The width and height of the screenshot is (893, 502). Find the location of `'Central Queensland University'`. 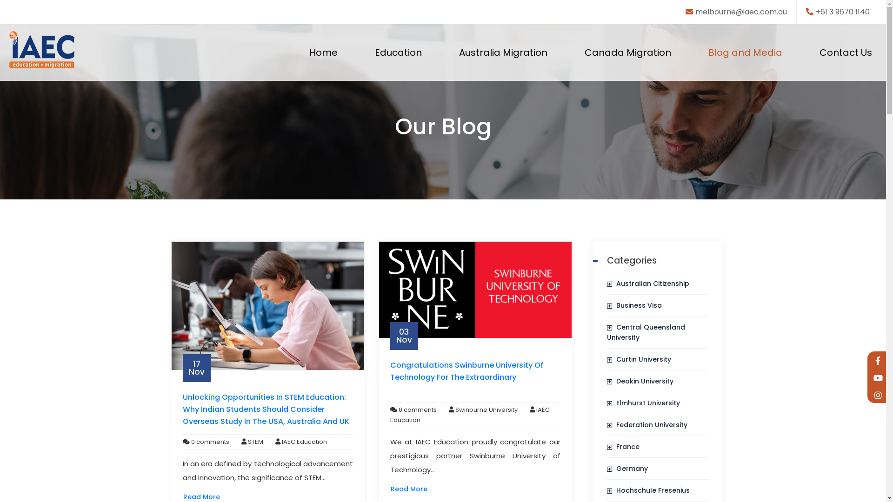

'Central Queensland University' is located at coordinates (645, 331).